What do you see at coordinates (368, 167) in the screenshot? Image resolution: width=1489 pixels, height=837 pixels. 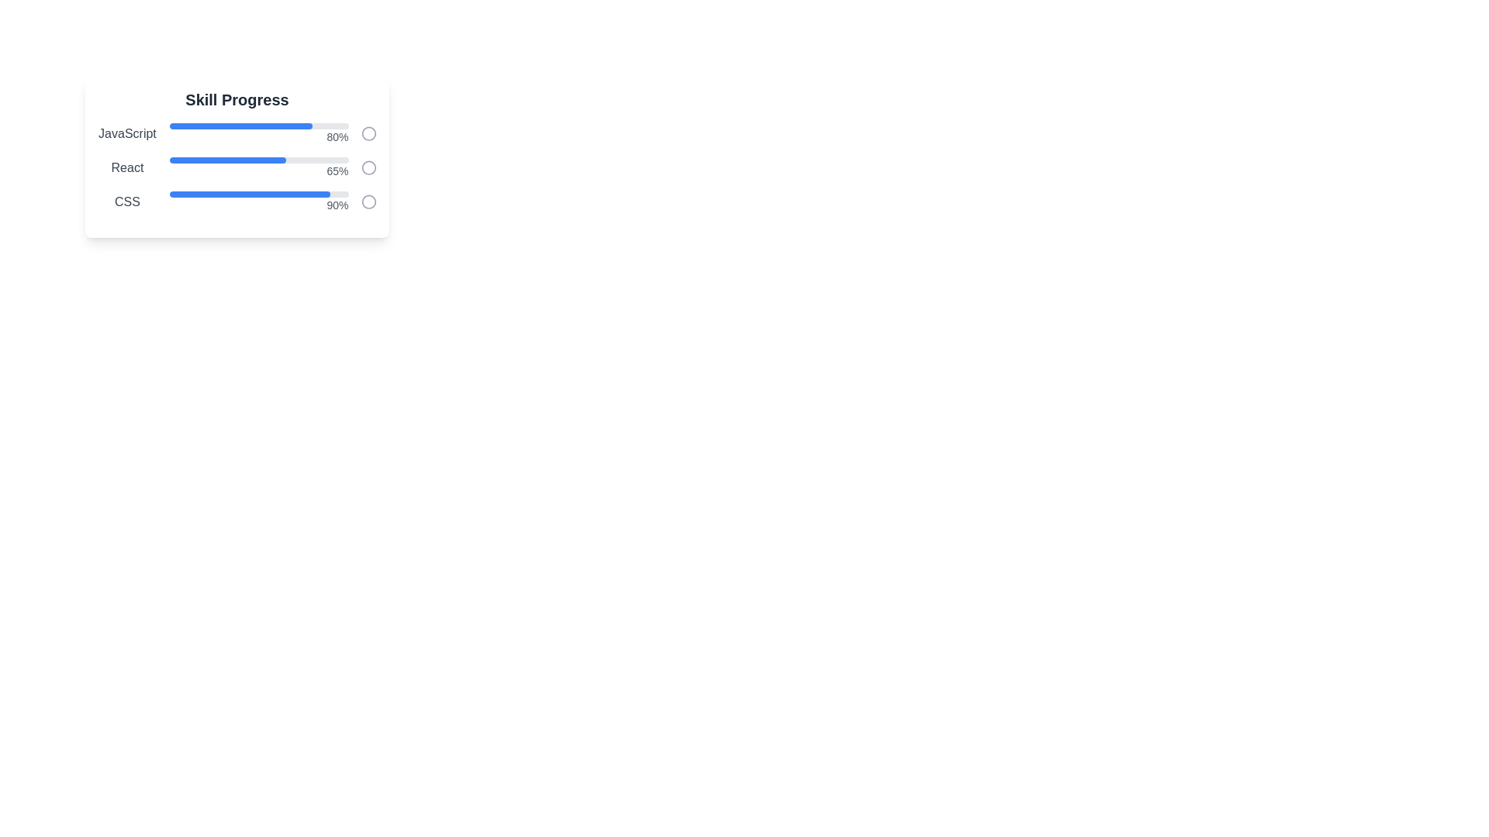 I see `the unfilled circle SVG graphic with a gray border, which is the second indicator in a vertical series next to the 'React' skill progress bar` at bounding box center [368, 167].